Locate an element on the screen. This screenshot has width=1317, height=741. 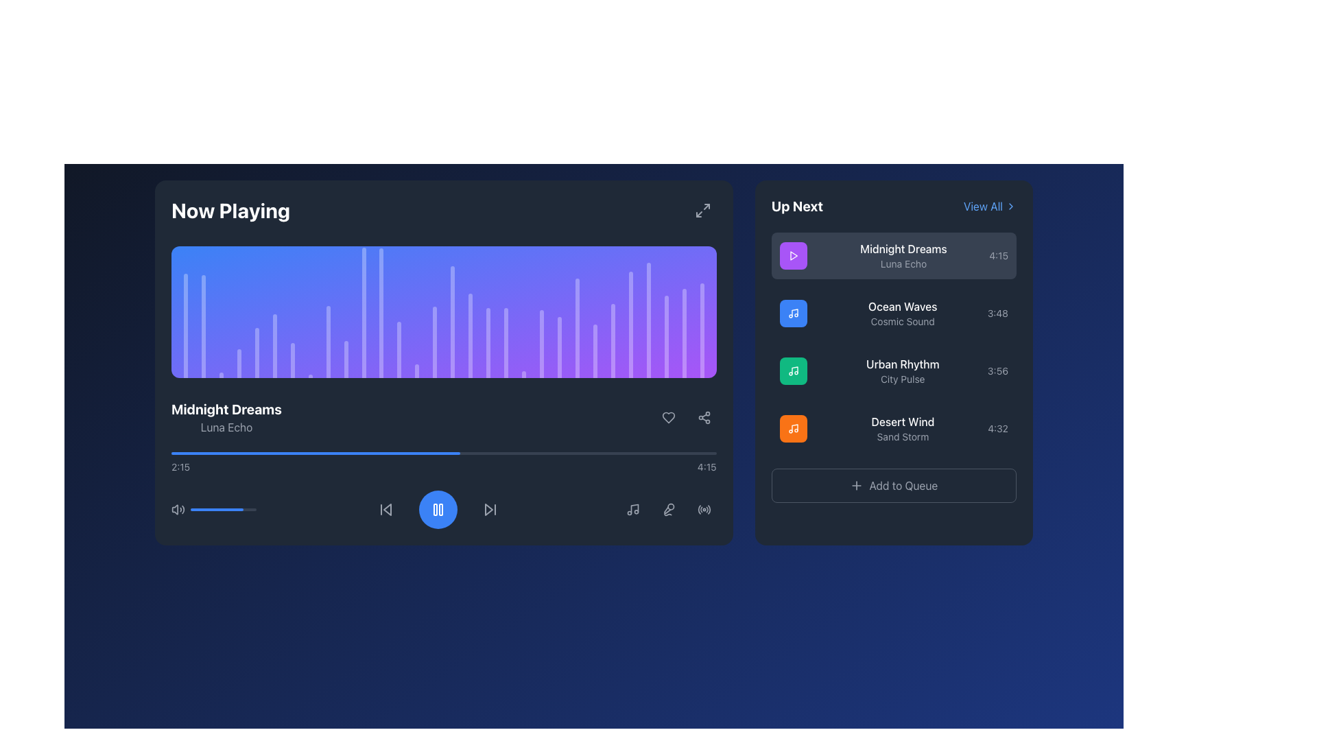
the fourth music track item in the 'Up Next' section is located at coordinates (894, 427).